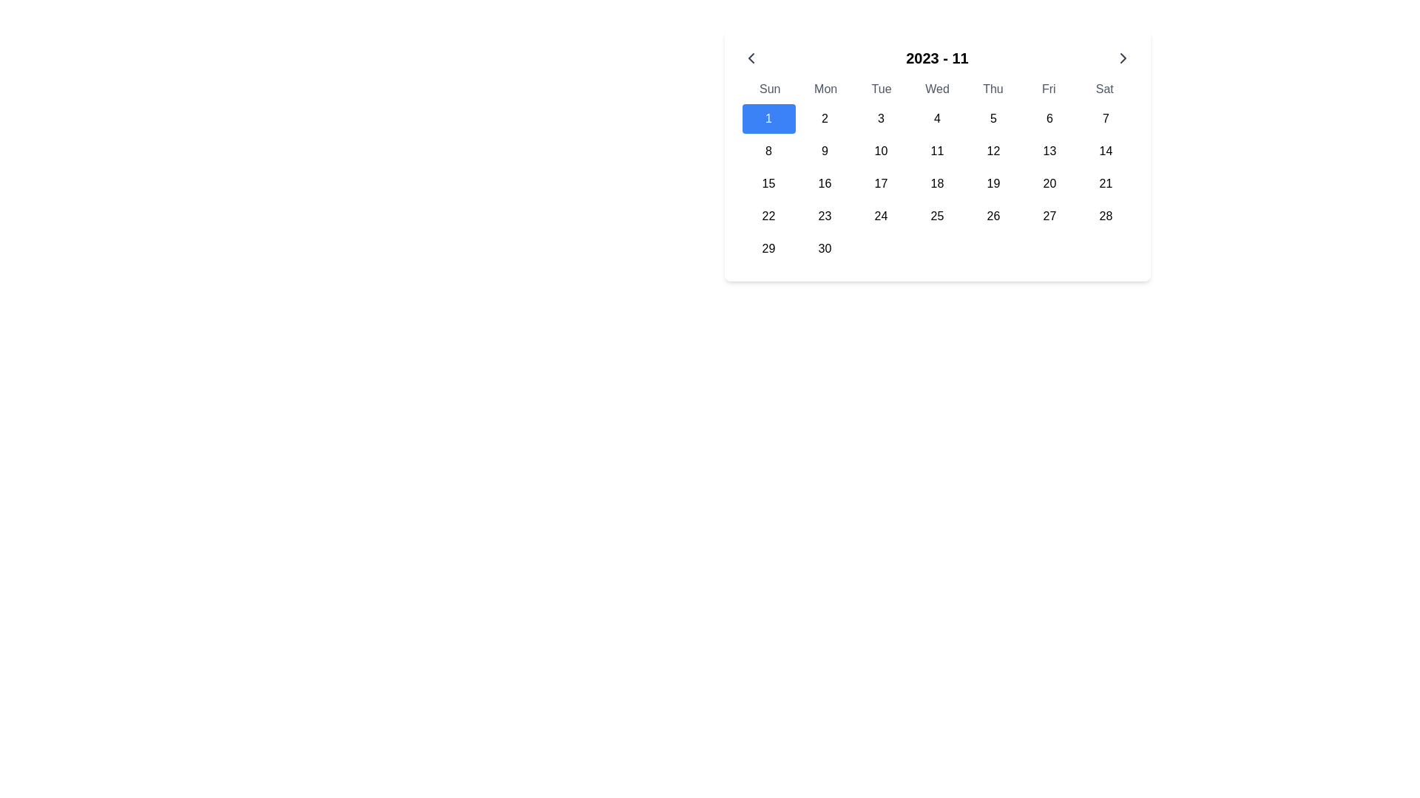 This screenshot has width=1420, height=798. I want to click on the square button labeled '6' in the calendar grid for November 2023, located in the first row and sixth column, which changes to a light gray background when hovered over, so click(1049, 118).